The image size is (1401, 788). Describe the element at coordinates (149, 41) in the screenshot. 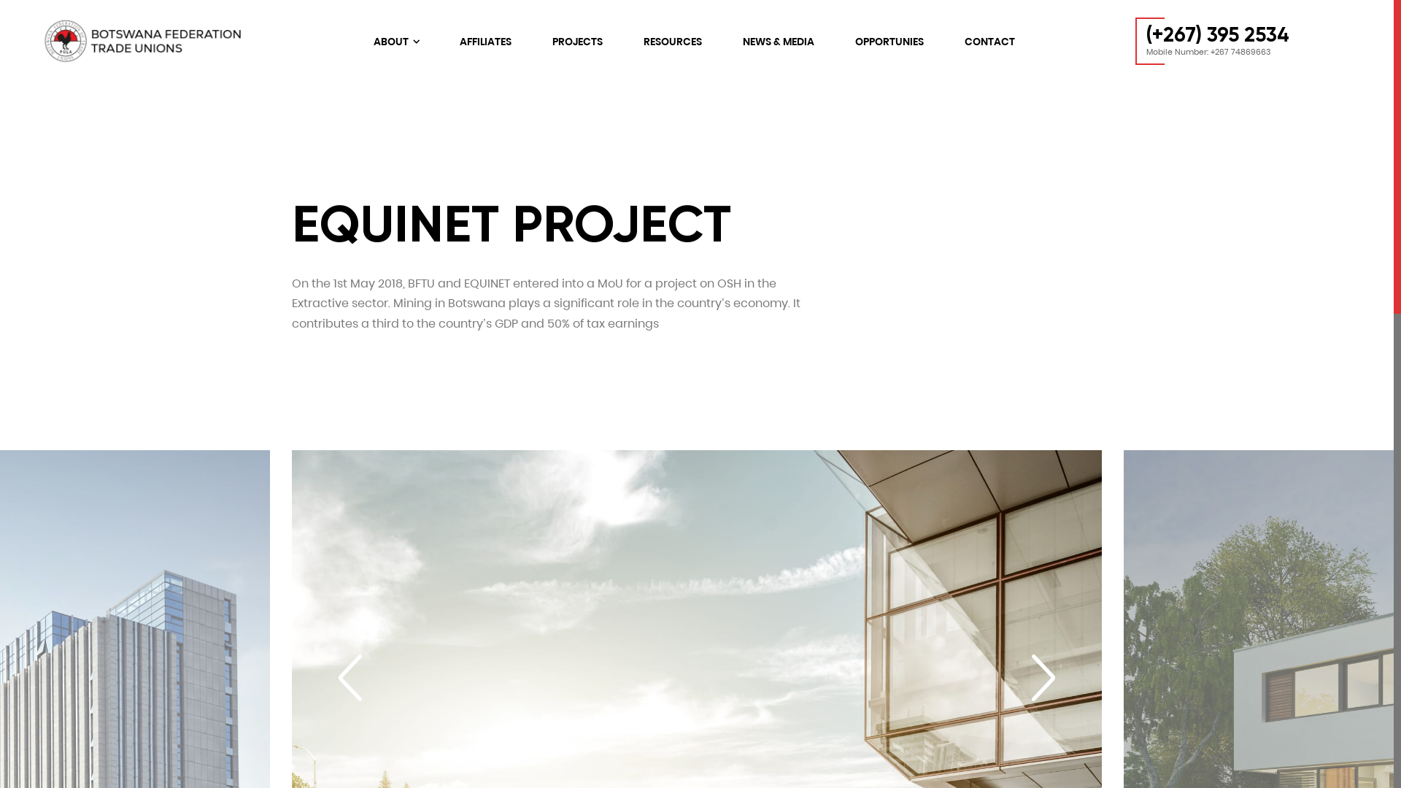

I see `'logo web-01'` at that location.